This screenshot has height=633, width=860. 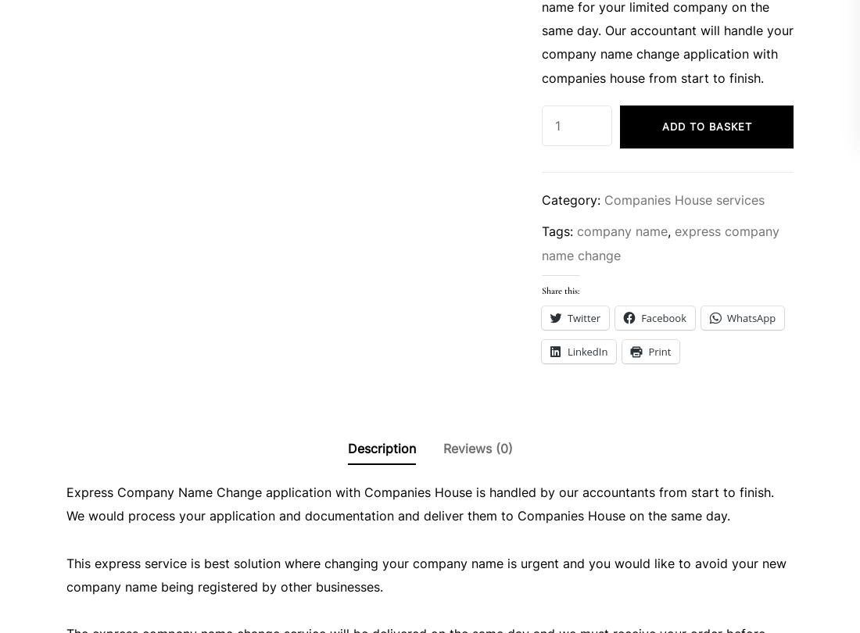 I want to click on 'Reviews (0)', so click(x=441, y=448).